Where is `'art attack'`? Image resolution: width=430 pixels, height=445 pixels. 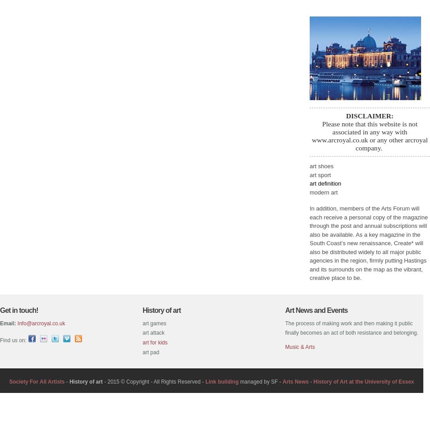
'art attack' is located at coordinates (153, 332).